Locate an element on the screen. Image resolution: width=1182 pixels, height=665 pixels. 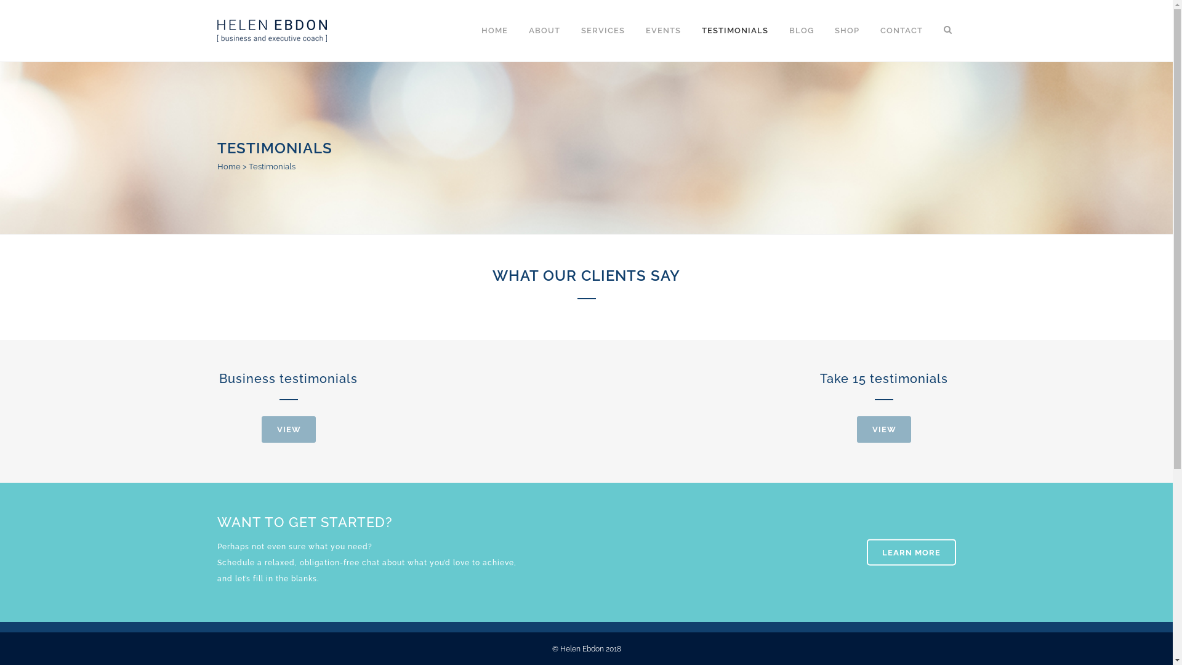
'ABOUT' is located at coordinates (544, 30).